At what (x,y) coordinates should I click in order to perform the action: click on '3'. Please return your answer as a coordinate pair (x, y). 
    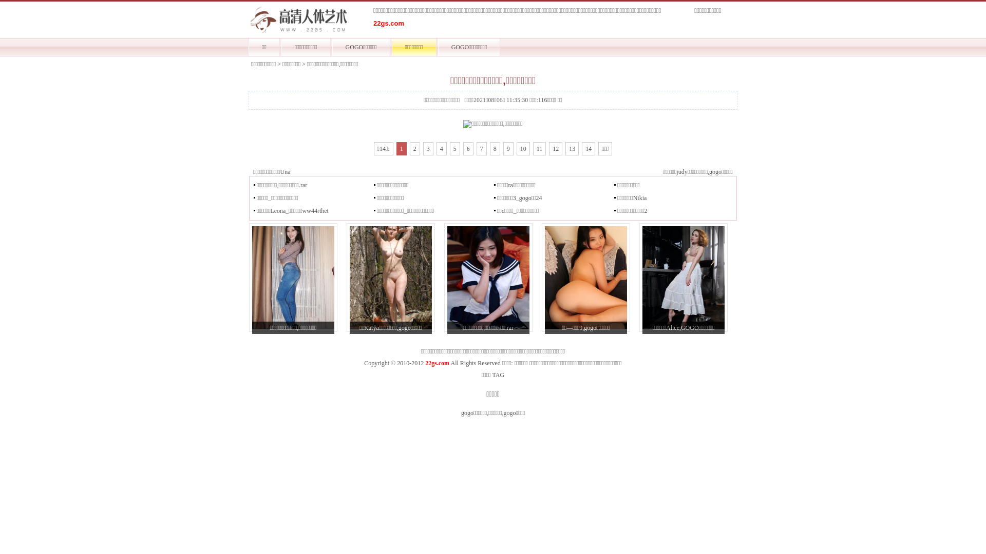
    Looking at the image, I should click on (428, 148).